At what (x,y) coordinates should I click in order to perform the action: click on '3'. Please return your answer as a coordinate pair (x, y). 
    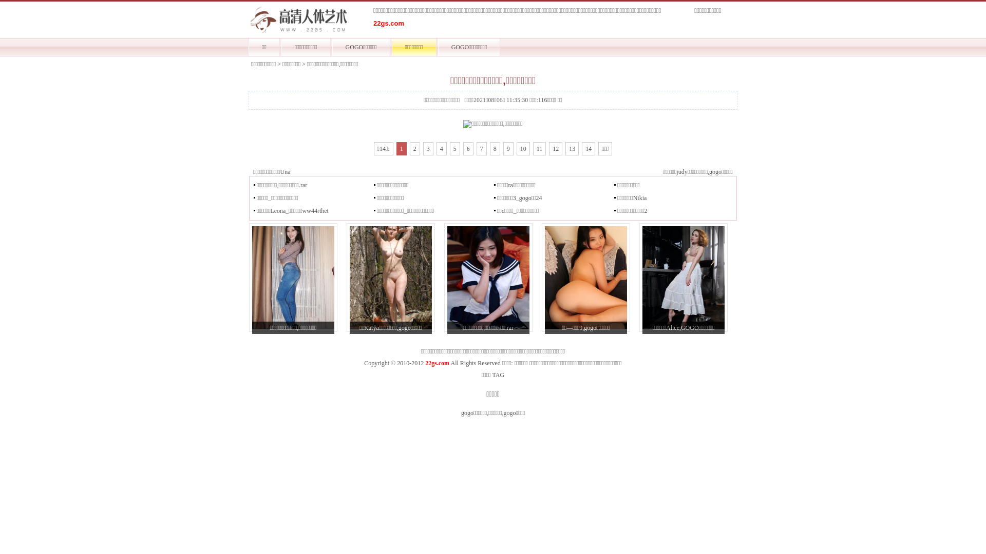
    Looking at the image, I should click on (428, 148).